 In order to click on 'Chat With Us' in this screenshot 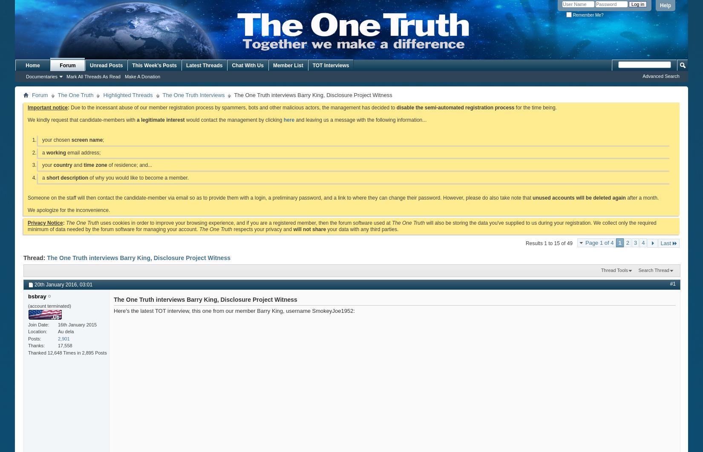, I will do `click(247, 65)`.